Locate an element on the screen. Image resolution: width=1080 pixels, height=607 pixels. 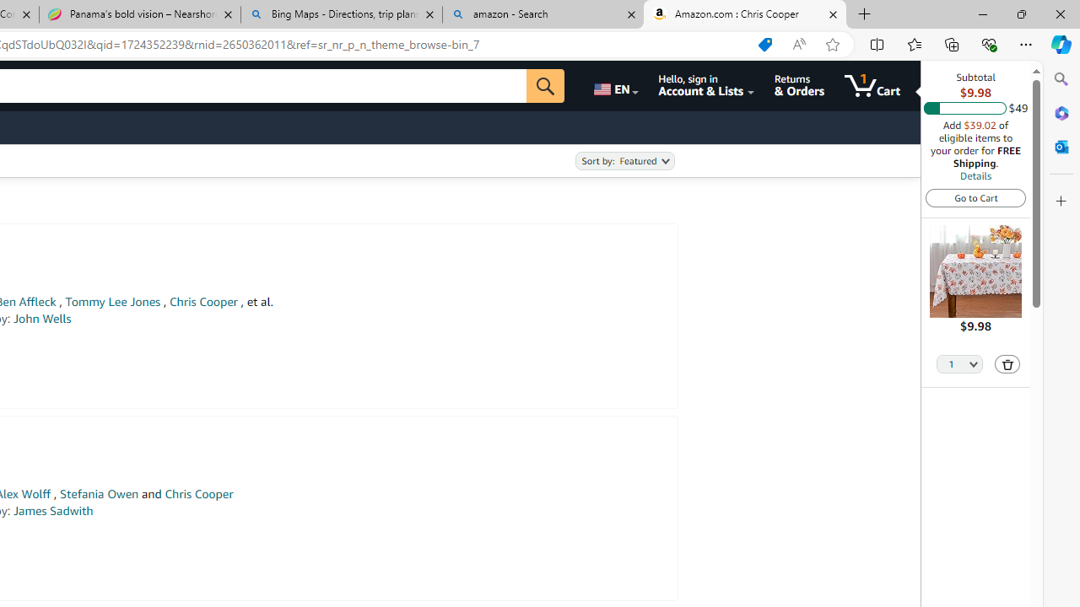
'Hello, sign in Account & Lists' is located at coordinates (706, 85).